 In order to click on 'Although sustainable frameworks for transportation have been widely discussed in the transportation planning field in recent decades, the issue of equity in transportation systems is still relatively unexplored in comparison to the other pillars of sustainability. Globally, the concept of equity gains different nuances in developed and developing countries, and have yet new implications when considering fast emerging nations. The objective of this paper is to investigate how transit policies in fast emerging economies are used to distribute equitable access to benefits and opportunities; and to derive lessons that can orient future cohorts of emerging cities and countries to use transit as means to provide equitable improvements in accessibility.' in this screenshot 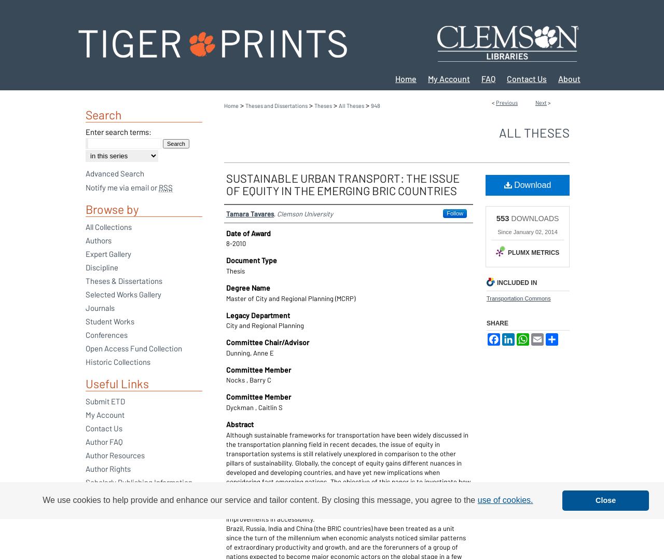, I will do `click(348, 476)`.